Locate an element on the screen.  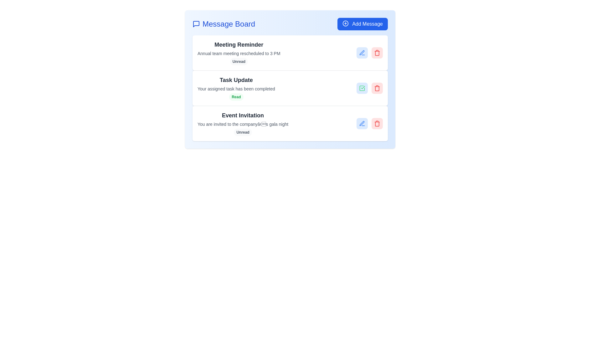
the green square icon with rounded corners containing a checkmark, located in the 'Task Update' row, to the left of the trash icon is located at coordinates (362, 88).